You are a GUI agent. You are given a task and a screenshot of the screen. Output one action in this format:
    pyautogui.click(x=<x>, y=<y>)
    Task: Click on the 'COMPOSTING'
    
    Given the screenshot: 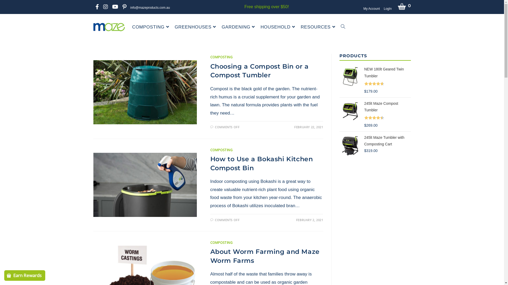 What is the action you would take?
    pyautogui.click(x=221, y=150)
    